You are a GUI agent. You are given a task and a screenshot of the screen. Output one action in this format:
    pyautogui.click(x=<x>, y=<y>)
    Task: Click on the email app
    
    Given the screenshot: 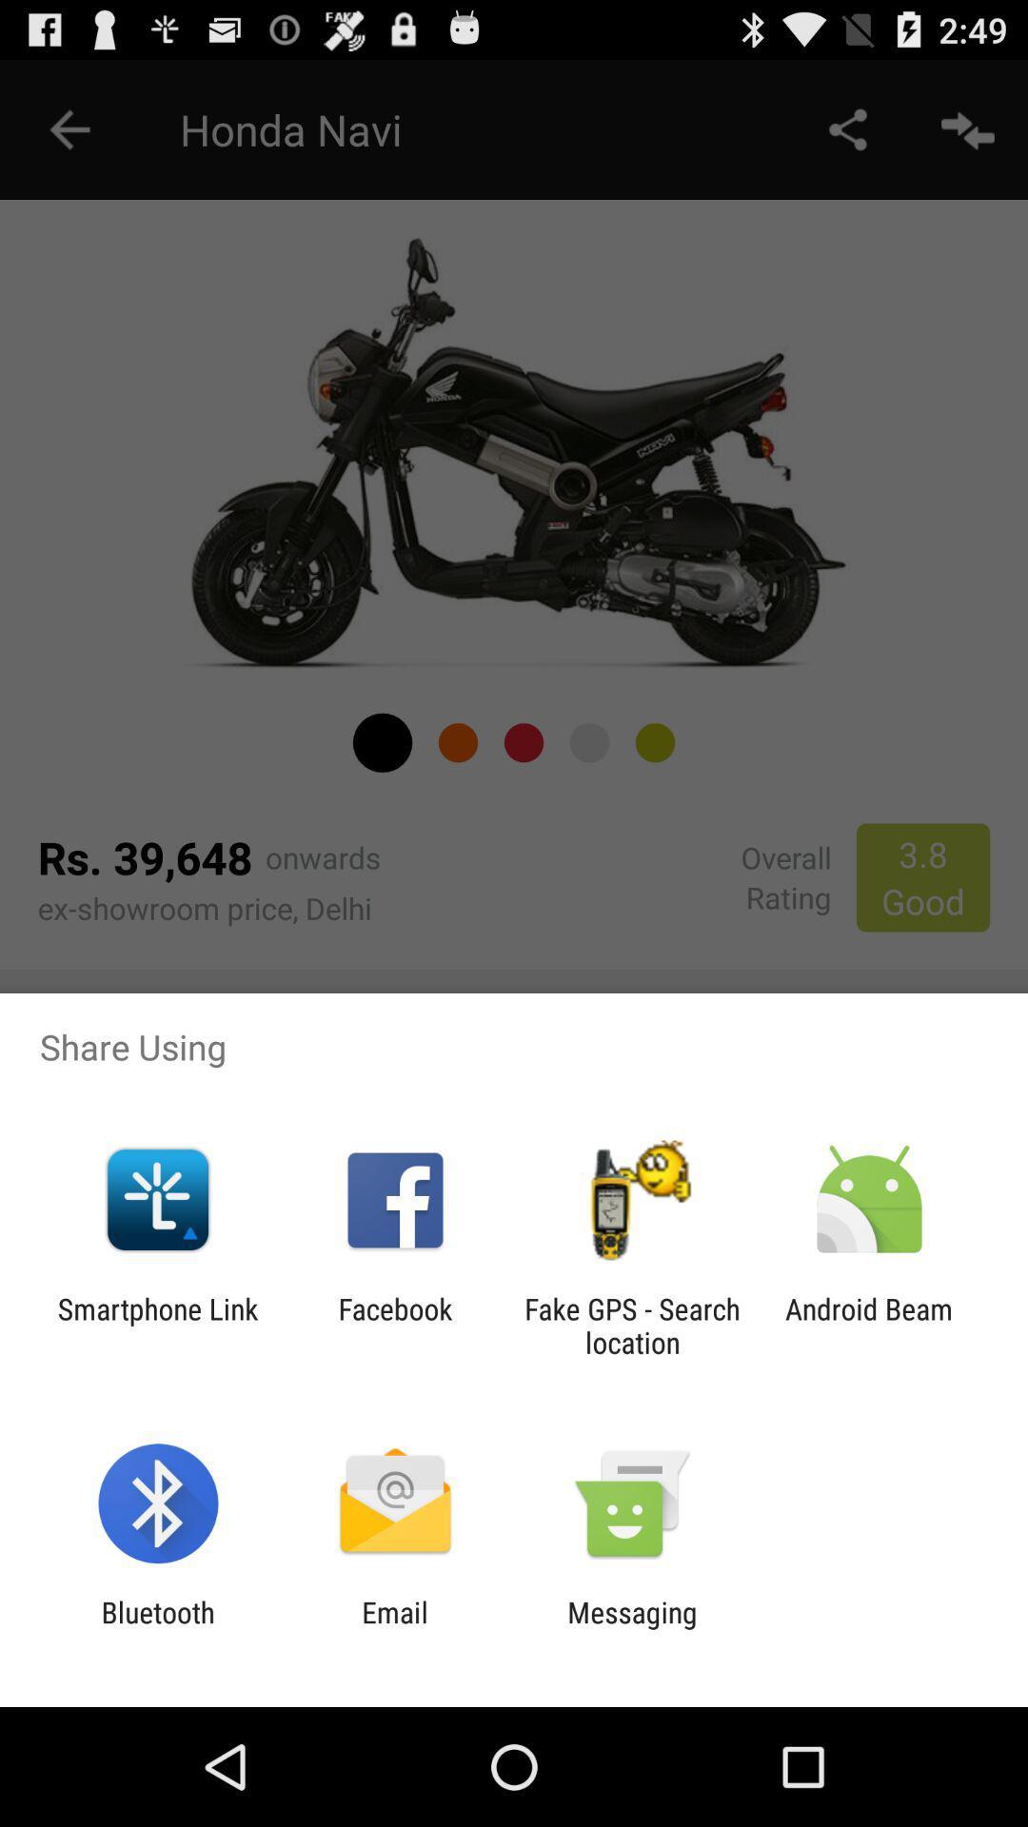 What is the action you would take?
    pyautogui.click(x=394, y=1628)
    